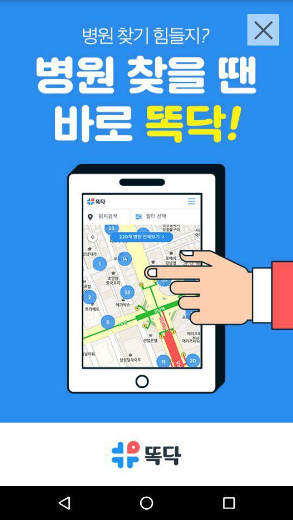  What do you see at coordinates (262, 31) in the screenshot?
I see `the close icon` at bounding box center [262, 31].